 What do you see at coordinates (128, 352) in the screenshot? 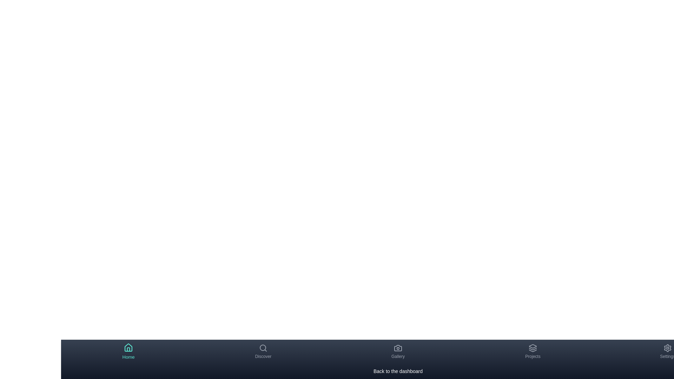
I see `the Home tab by clicking on its navigation item` at bounding box center [128, 352].